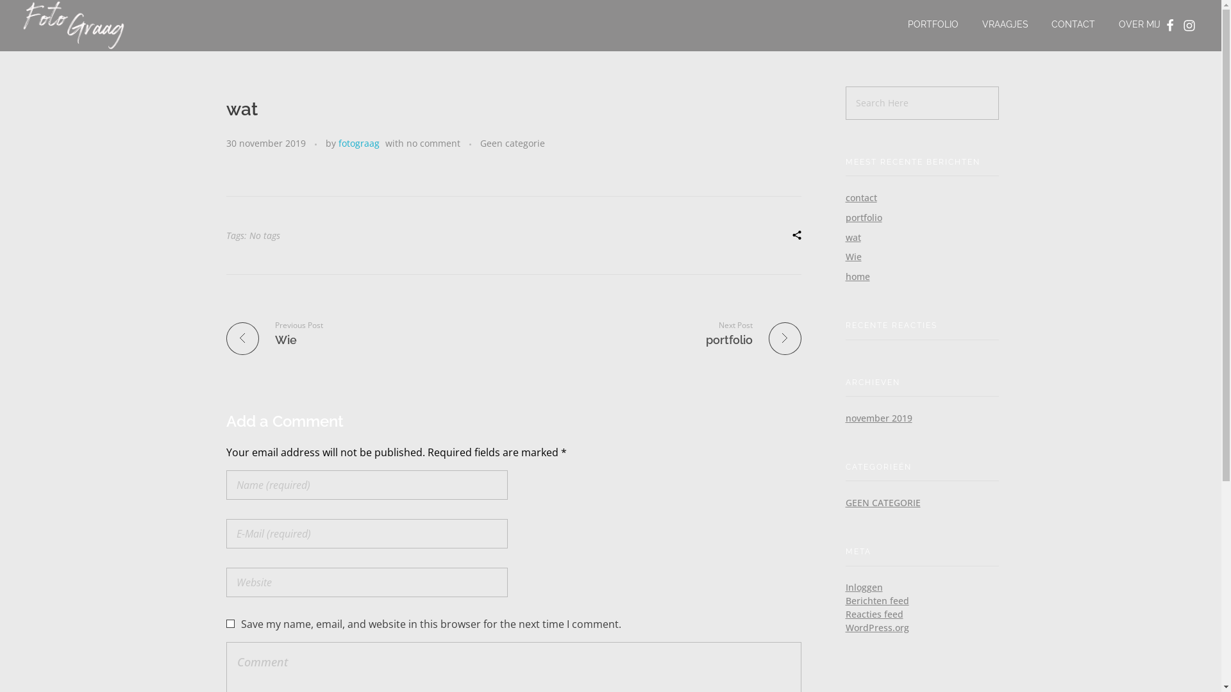  Describe the element at coordinates (359, 143) in the screenshot. I see `'fotograag'` at that location.